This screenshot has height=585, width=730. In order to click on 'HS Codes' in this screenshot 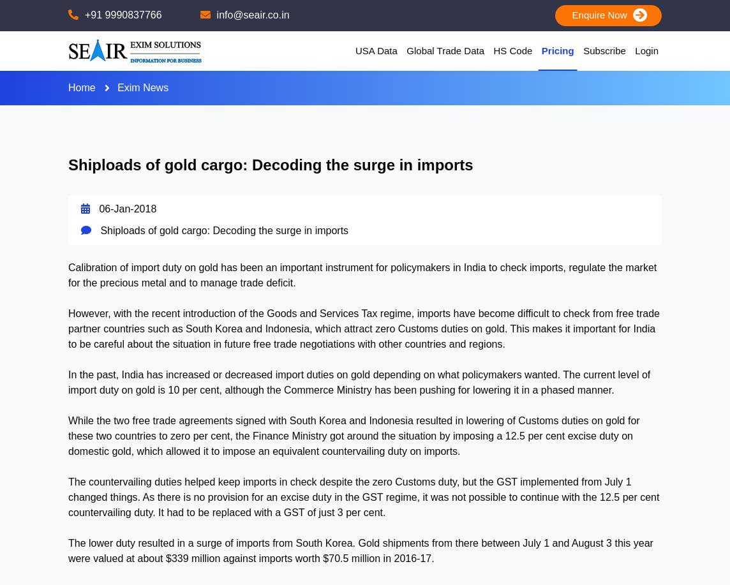, I will do `click(567, 61)`.